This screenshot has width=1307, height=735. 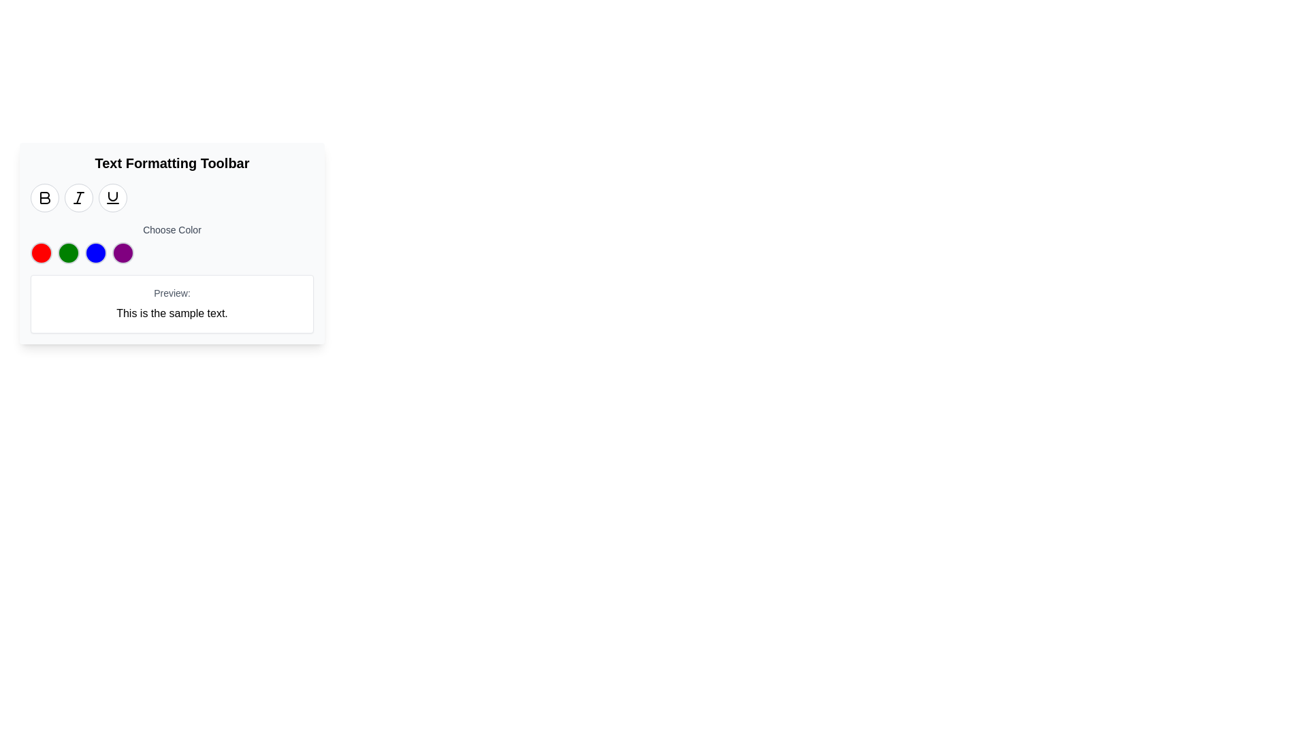 I want to click on the third circular blue button with a light gray border, located below the 'Choose Color' label, so click(x=95, y=252).